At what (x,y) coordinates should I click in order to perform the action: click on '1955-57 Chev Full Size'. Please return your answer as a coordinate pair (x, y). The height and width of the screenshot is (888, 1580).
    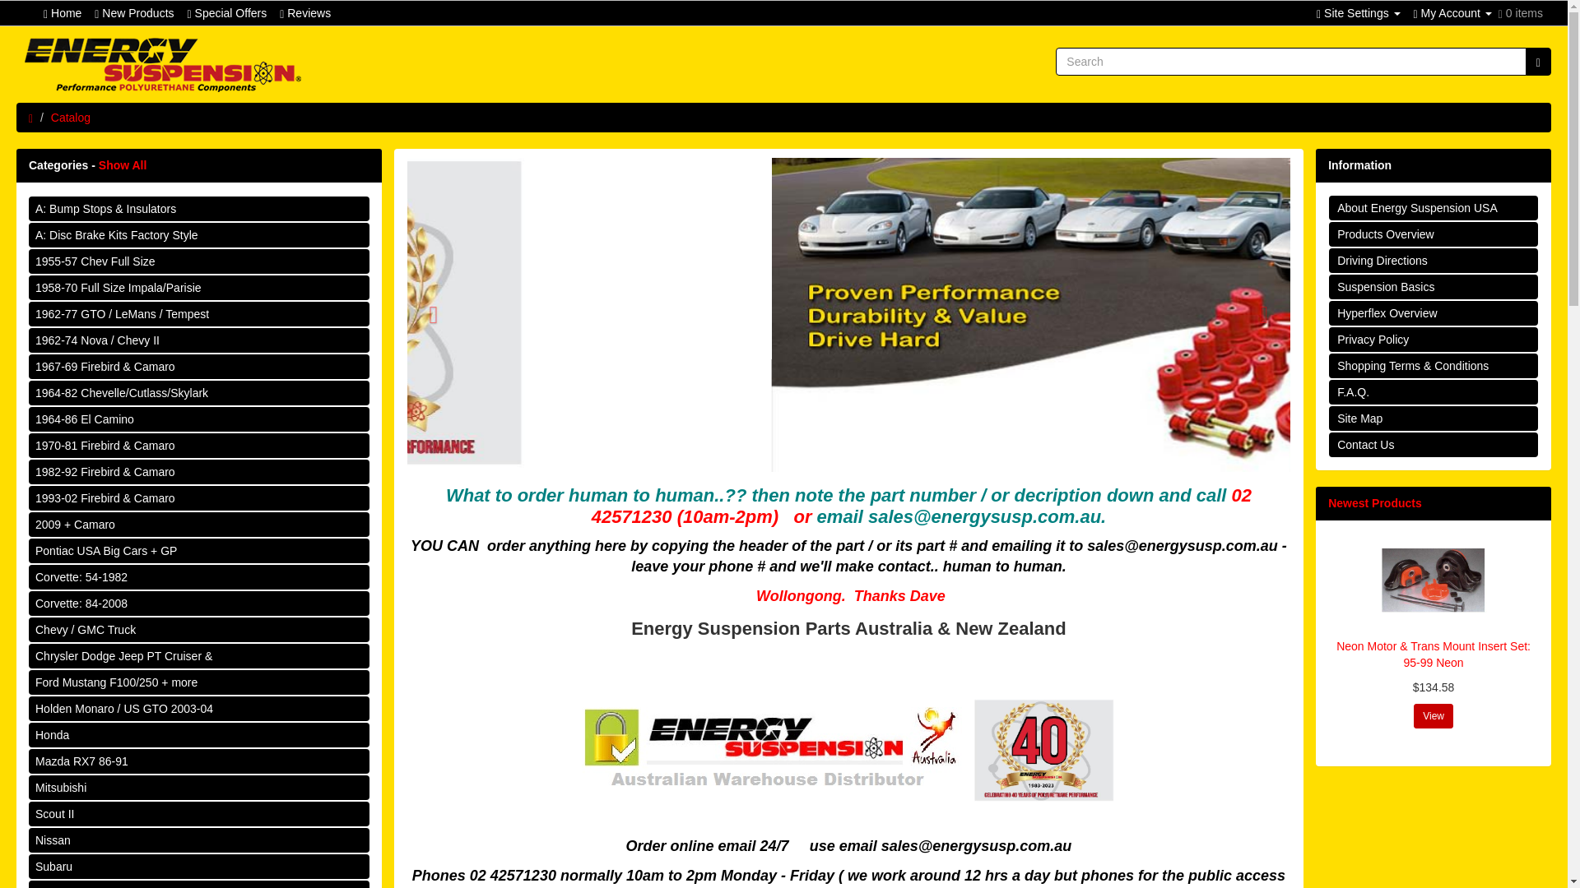
    Looking at the image, I should click on (197, 260).